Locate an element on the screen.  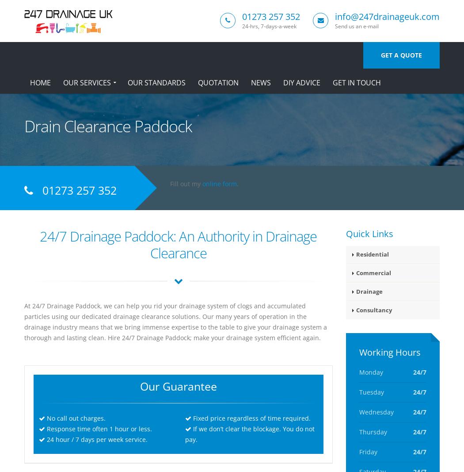
'.' is located at coordinates (238, 183).